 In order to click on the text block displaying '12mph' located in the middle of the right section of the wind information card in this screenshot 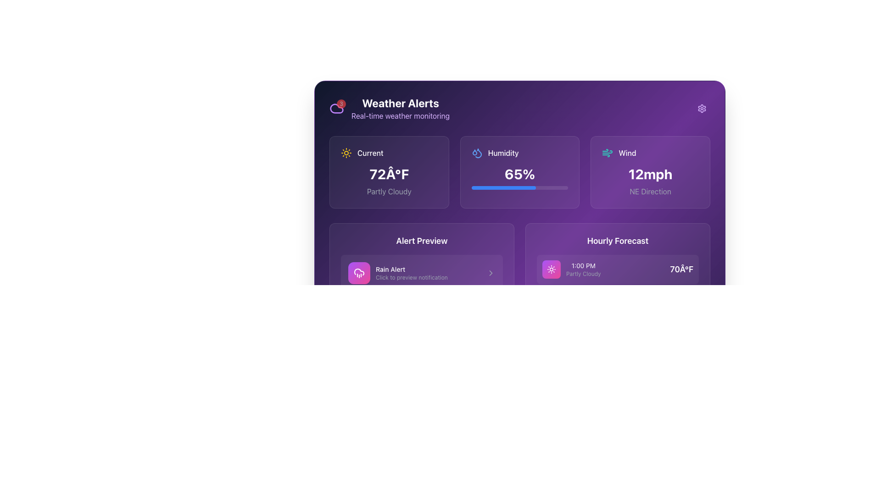, I will do `click(650, 174)`.